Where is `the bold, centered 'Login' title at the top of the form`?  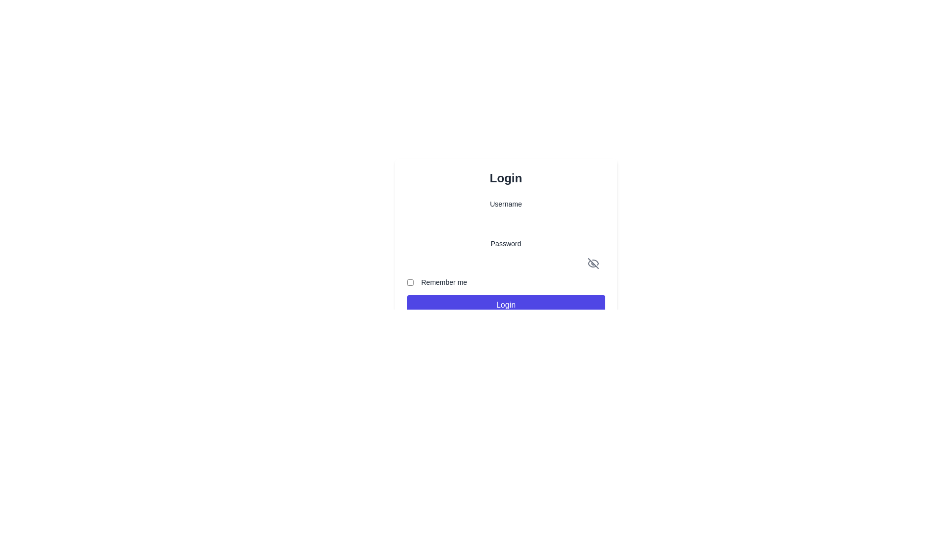
the bold, centered 'Login' title at the top of the form is located at coordinates (506, 177).